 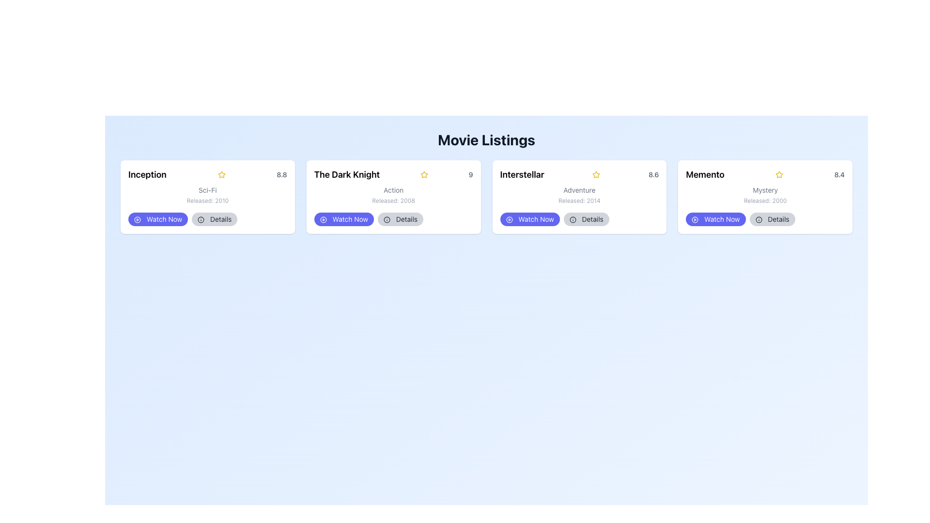 I want to click on the 'Watch Now' button located within the 'Interstellar' movie card to initiate the movie streaming functionality, so click(x=529, y=219).